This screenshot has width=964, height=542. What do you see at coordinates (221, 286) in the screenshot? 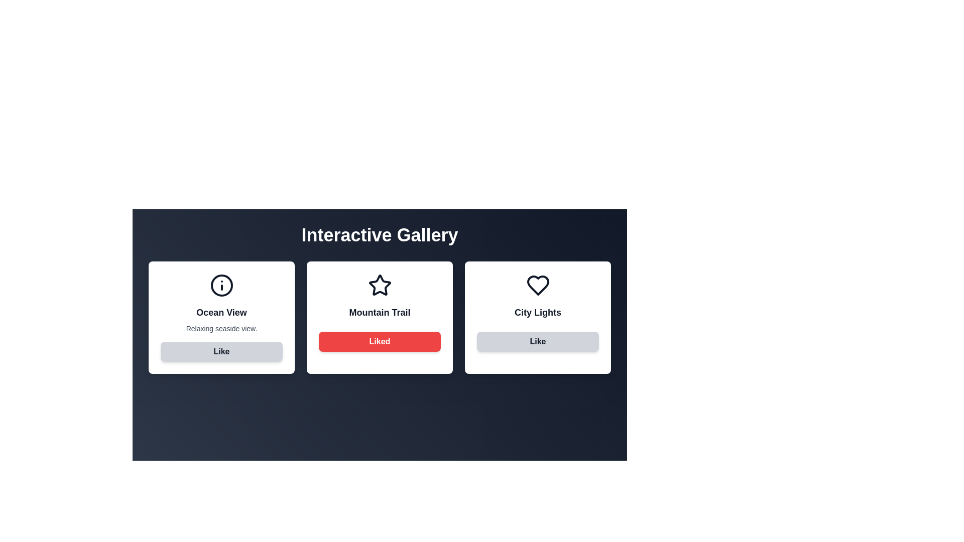
I see `the circular icon with an information symbol ('i') at its center, located above the card labeled 'Ocean View'` at bounding box center [221, 286].